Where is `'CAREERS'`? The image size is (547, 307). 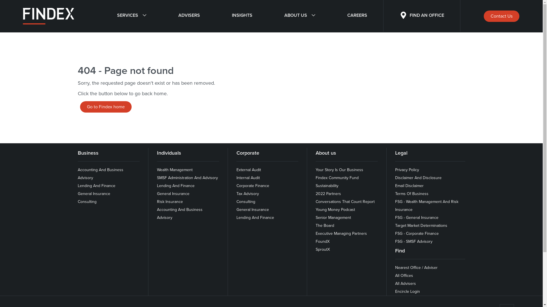 'CAREERS' is located at coordinates (356, 16).